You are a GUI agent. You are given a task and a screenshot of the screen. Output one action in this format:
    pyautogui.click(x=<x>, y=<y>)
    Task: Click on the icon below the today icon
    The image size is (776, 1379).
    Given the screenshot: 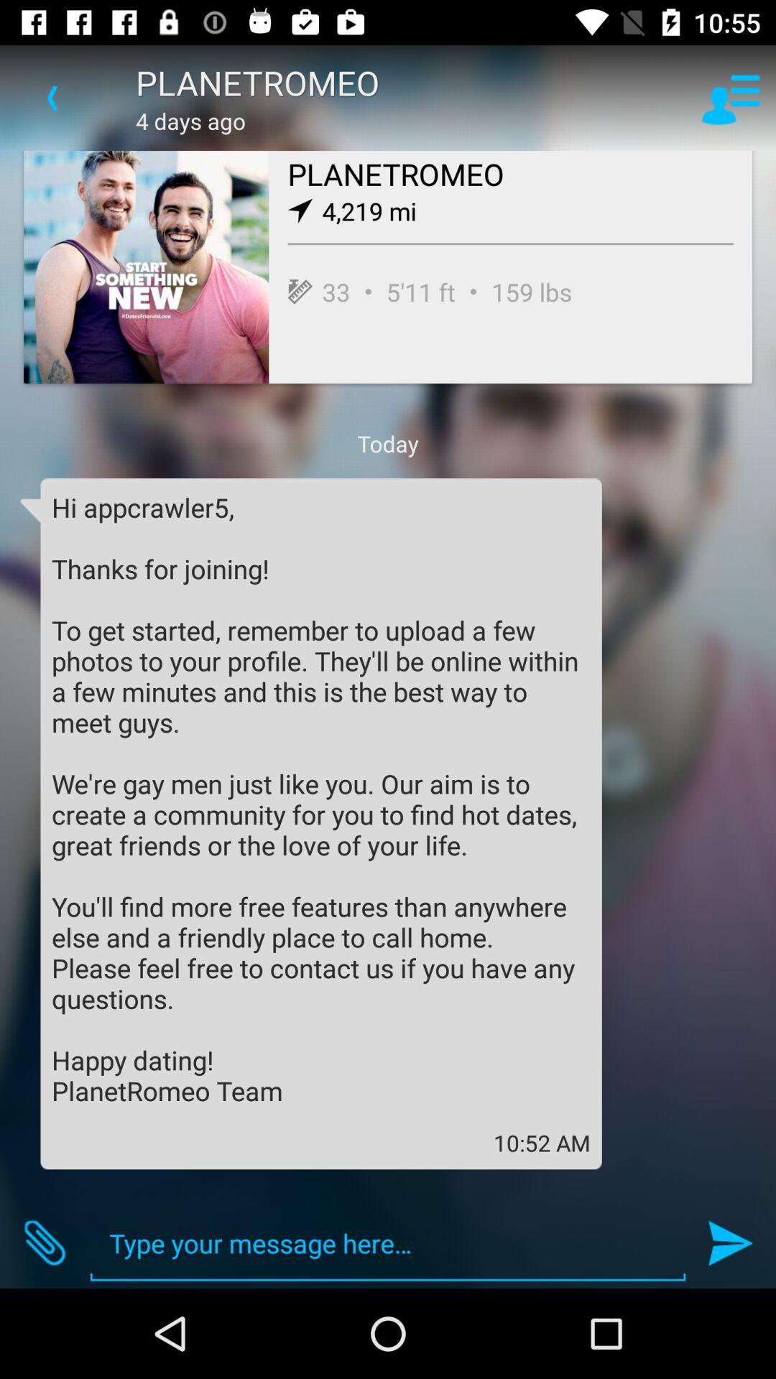 What is the action you would take?
    pyautogui.click(x=320, y=798)
    